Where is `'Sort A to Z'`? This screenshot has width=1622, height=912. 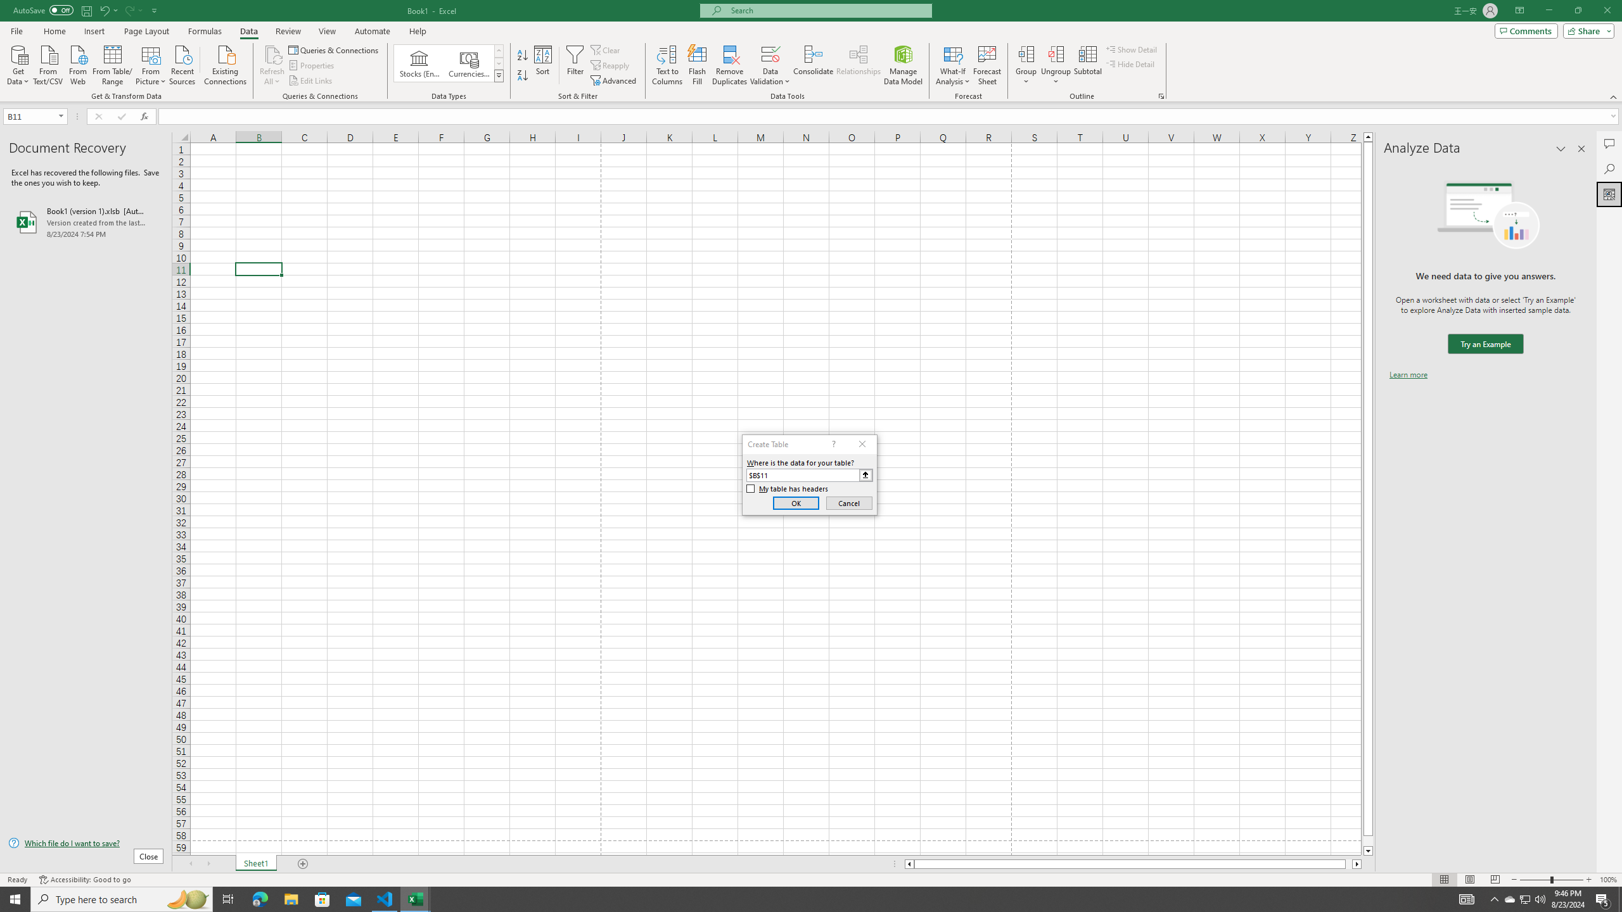
'Sort A to Z' is located at coordinates (522, 55).